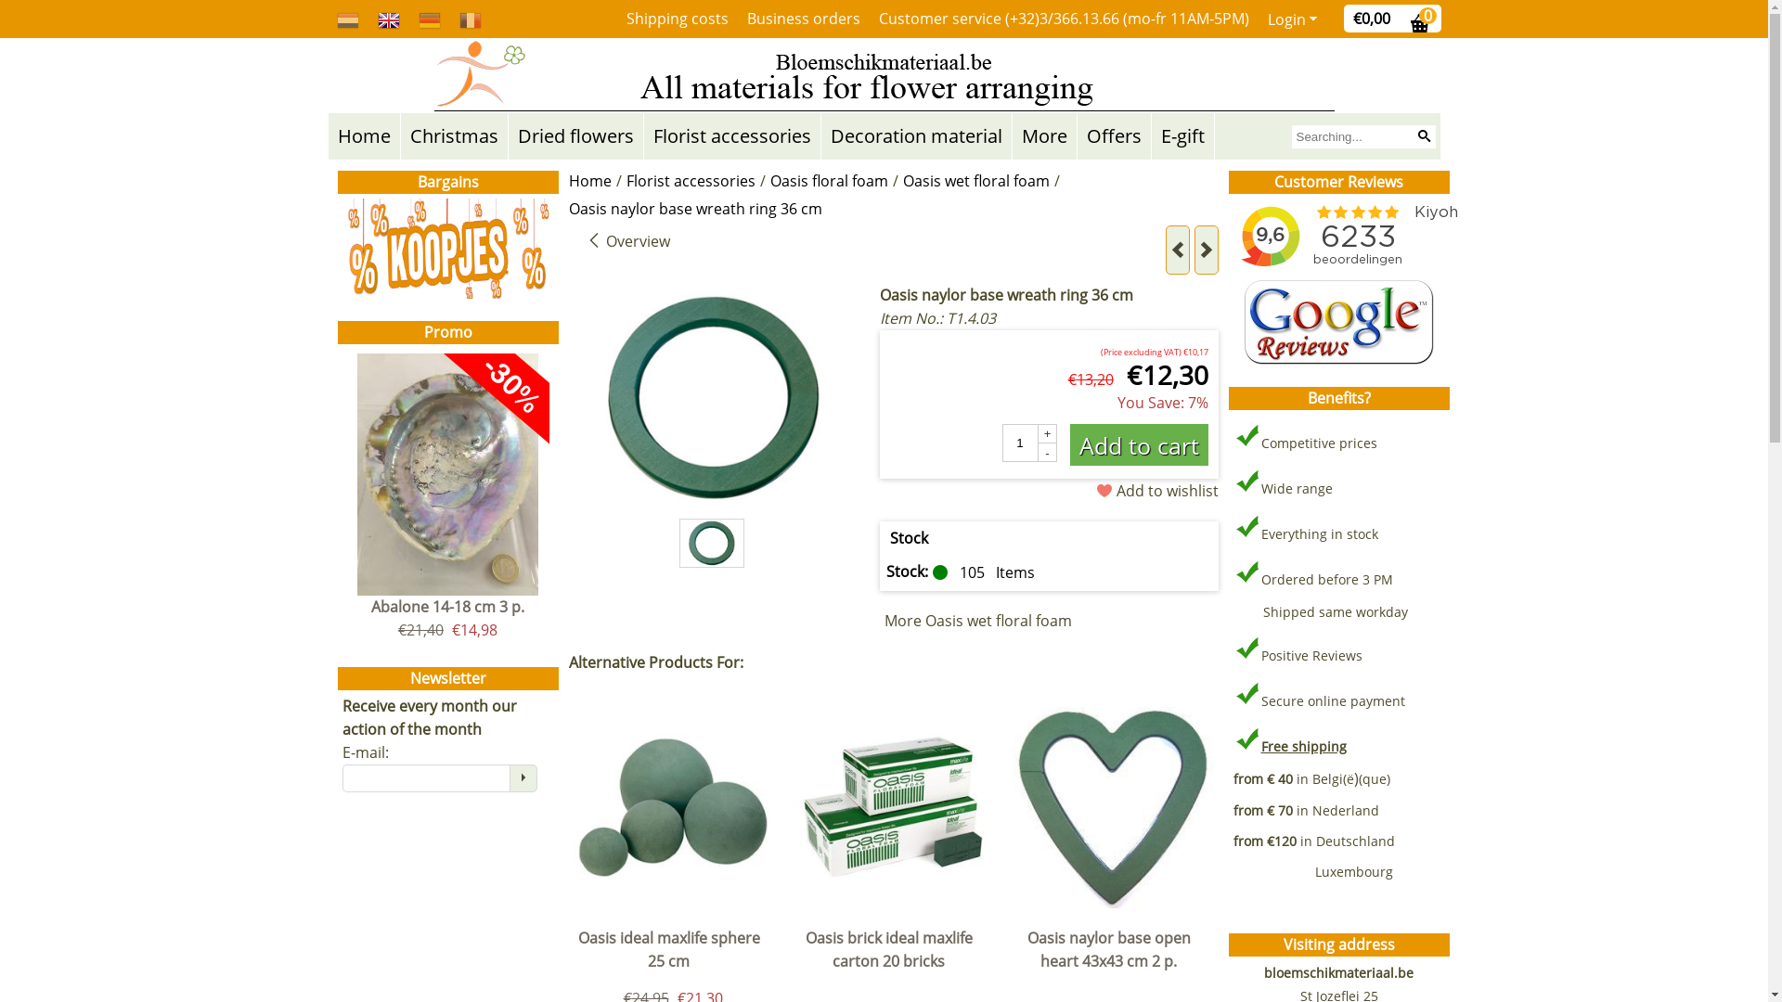 The width and height of the screenshot is (1782, 1002). Describe the element at coordinates (1113, 955) in the screenshot. I see `'Oasis naylor base open heart 43x43 cm 2 p.'` at that location.